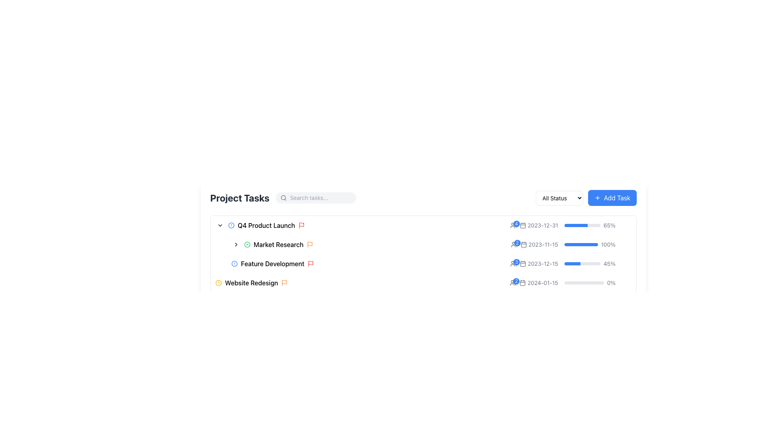  I want to click on the calendar icon, which is a simple line-drawing styled with a rounded square outline, located directly to the left of the date text '2023-12-31', so click(523, 225).